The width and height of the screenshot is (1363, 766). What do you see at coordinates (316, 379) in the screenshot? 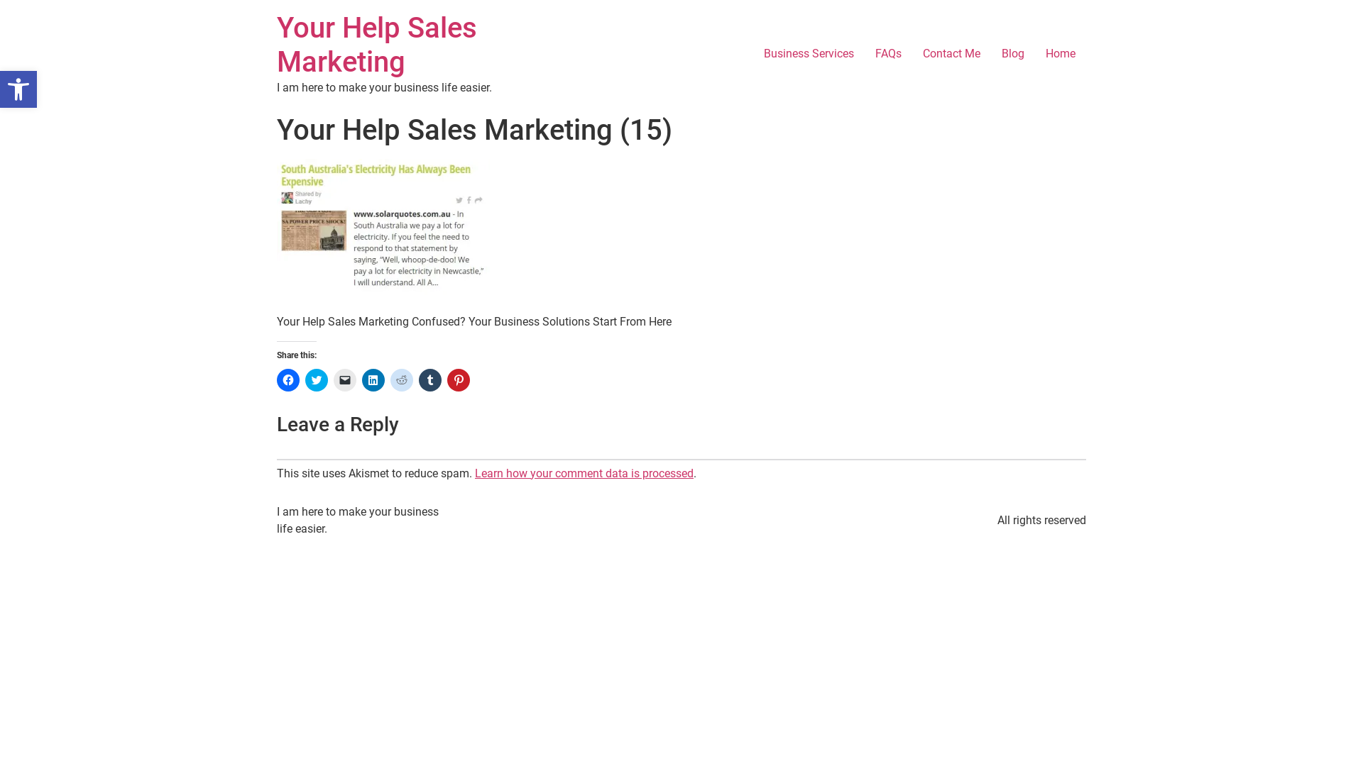
I see `'Click to share on Twitter (Opens in new window)'` at bounding box center [316, 379].